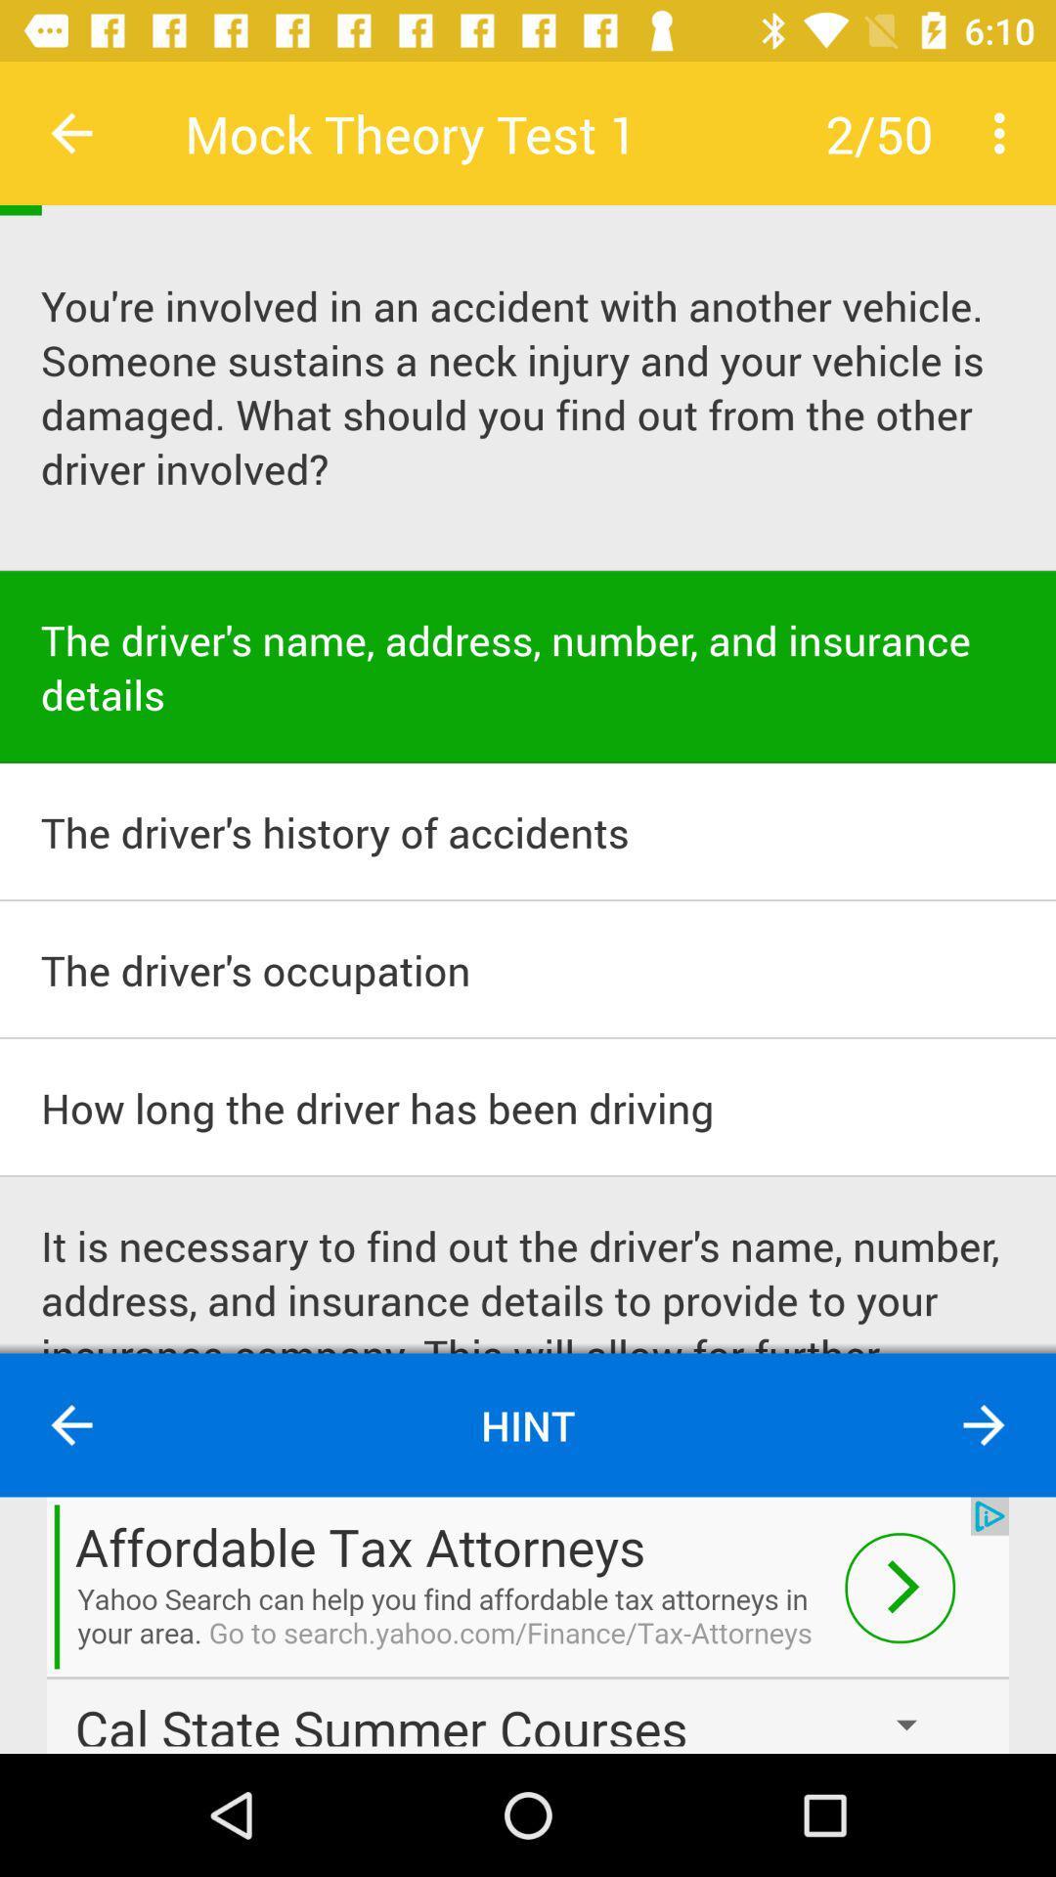 The image size is (1056, 1877). What do you see at coordinates (70, 132) in the screenshot?
I see `previous` at bounding box center [70, 132].